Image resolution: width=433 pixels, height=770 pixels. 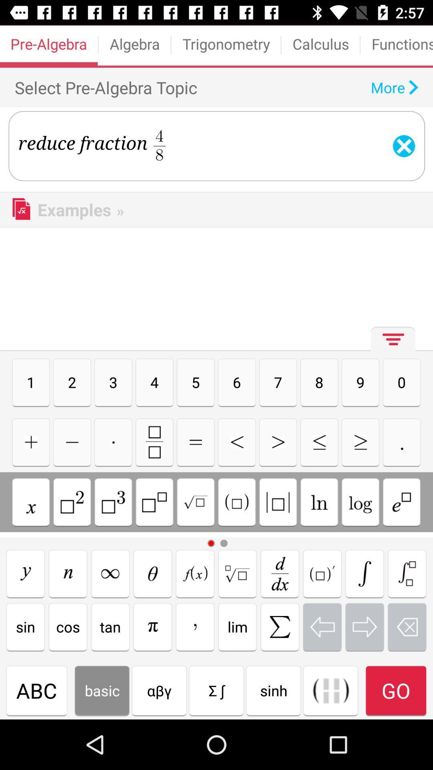 What do you see at coordinates (154, 442) in the screenshot?
I see `type fraction` at bounding box center [154, 442].